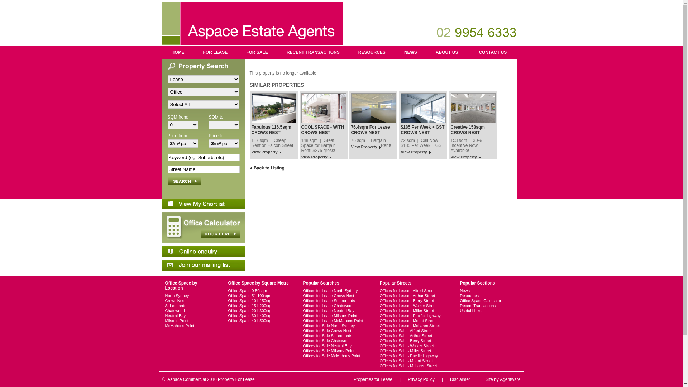 The width and height of the screenshot is (688, 387). I want to click on 'Office Space 101-150sqm', so click(259, 301).